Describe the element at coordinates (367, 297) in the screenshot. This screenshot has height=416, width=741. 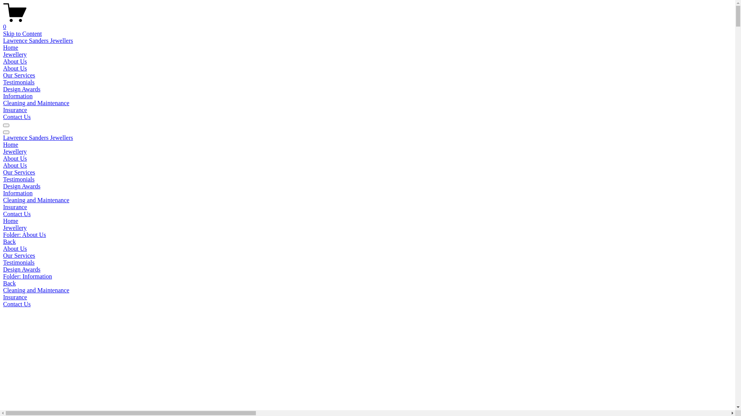
I see `'Insurance'` at that location.